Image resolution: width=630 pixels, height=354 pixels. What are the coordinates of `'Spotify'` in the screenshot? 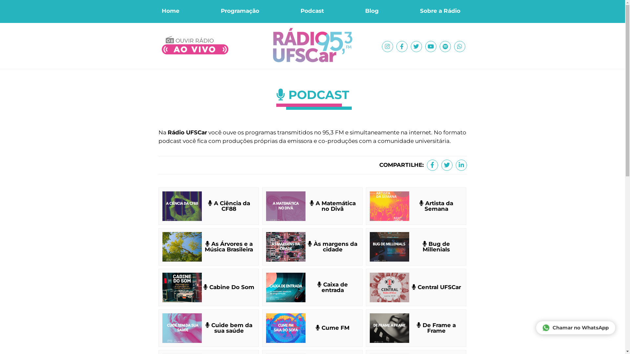 It's located at (445, 46).